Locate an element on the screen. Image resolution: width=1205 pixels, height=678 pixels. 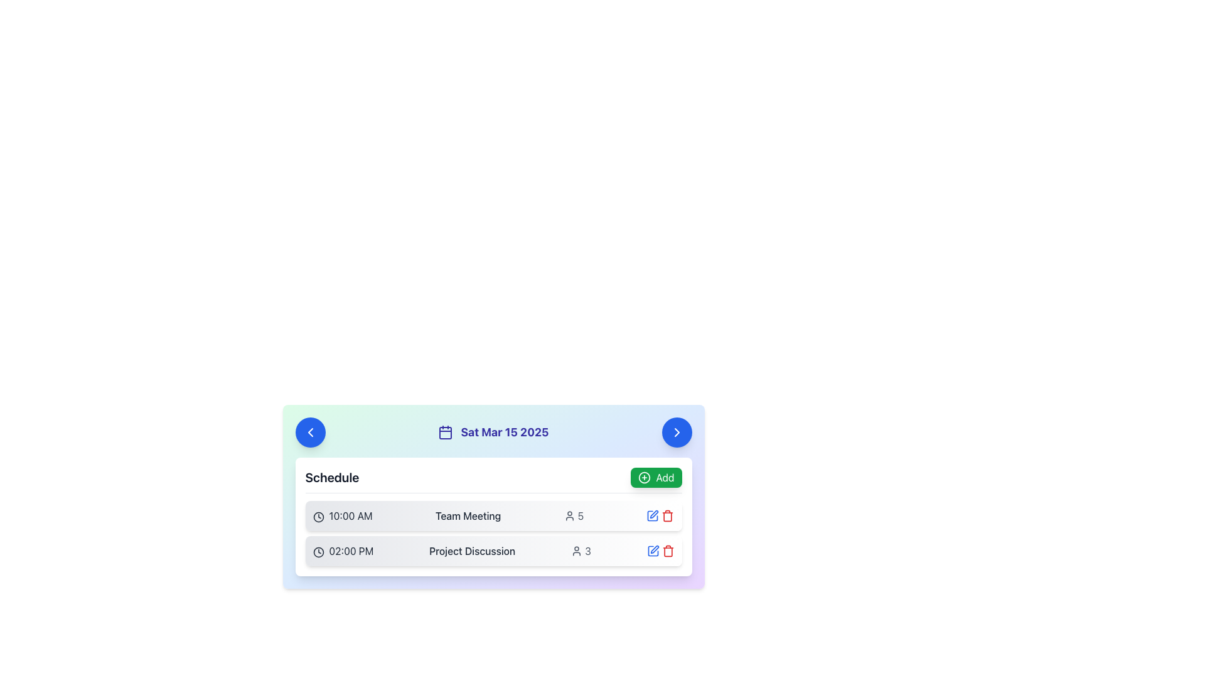
the circular icon with a plus symbol inside, located at the top-right of the schedule section is located at coordinates (645, 477).